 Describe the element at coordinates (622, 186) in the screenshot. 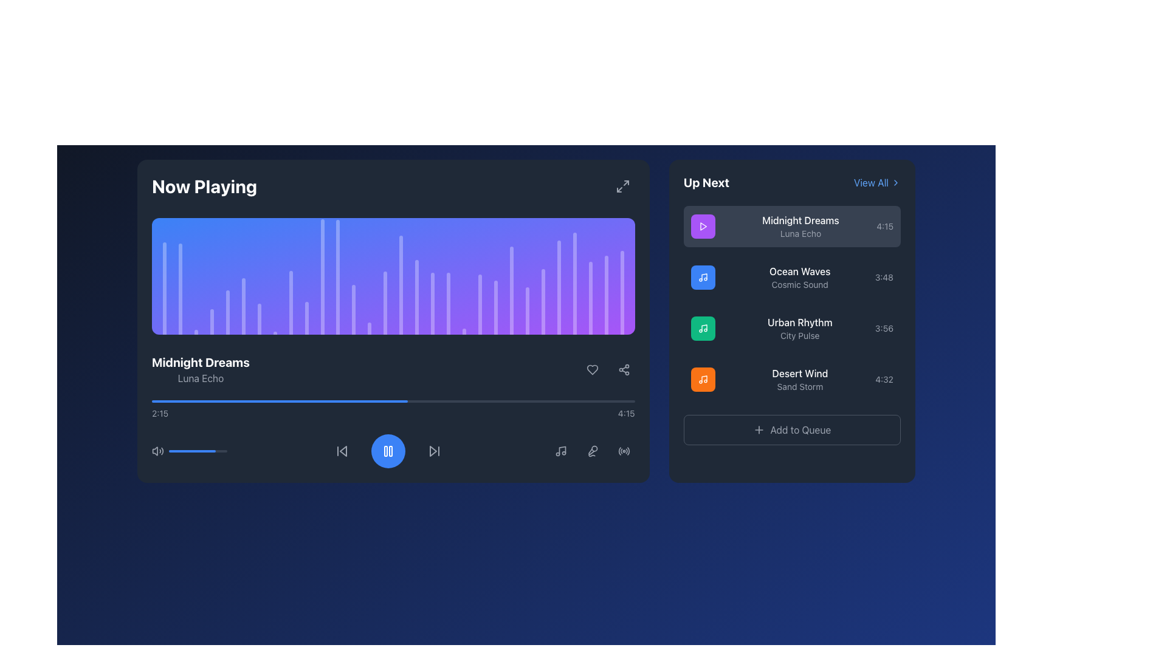

I see `the icon button featuring a diagonal arrow within a circle located at the upper-right corner of the 'Now Playing' section to change its color` at that location.